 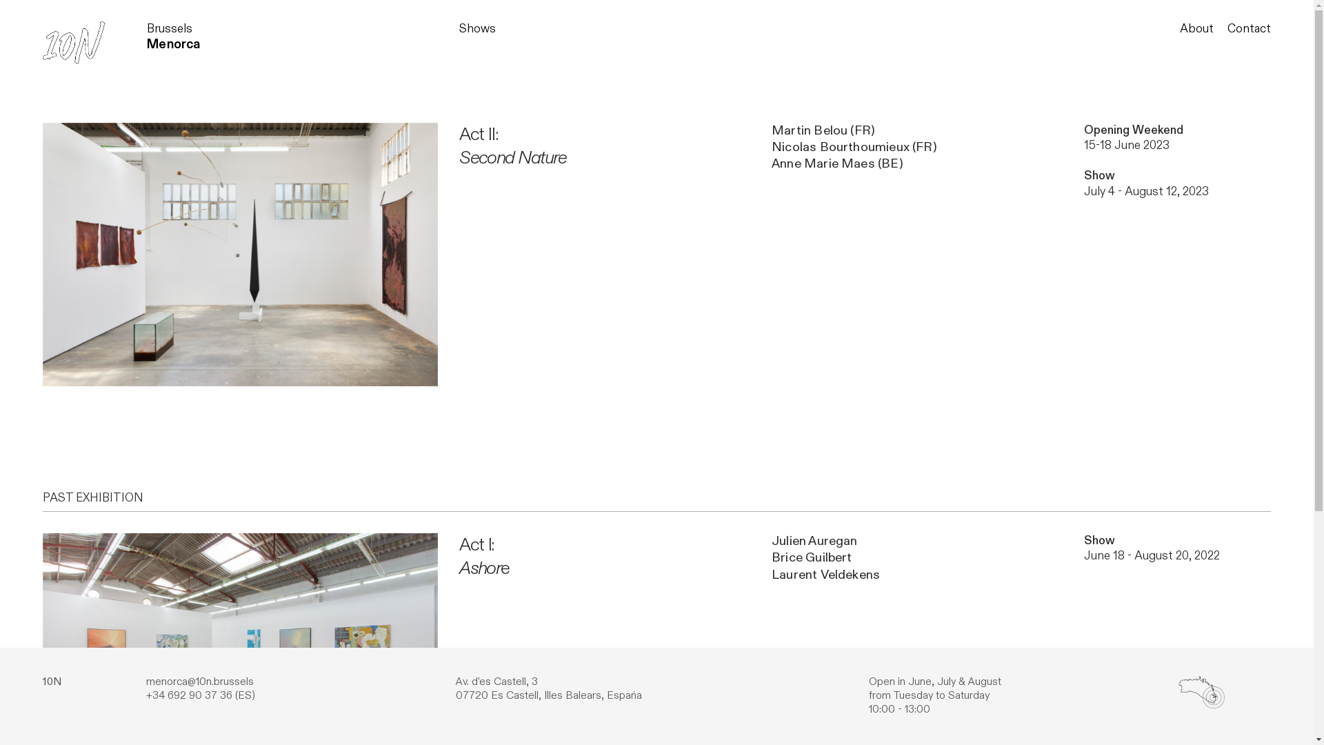 What do you see at coordinates (825, 557) in the screenshot?
I see `'Julien Auregan` at bounding box center [825, 557].